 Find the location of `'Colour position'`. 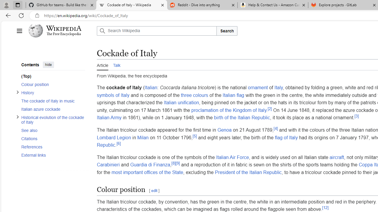

'Colour position' is located at coordinates (53, 84).